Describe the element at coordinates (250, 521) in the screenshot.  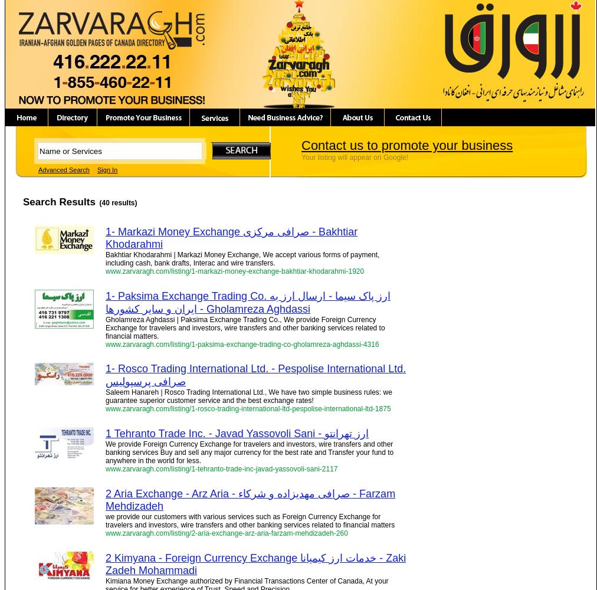
I see `'we provide our customers with various services such as Foreign  Currency Exchange for travelers and investors, wire transfers and other banking services related to financial matters'` at that location.